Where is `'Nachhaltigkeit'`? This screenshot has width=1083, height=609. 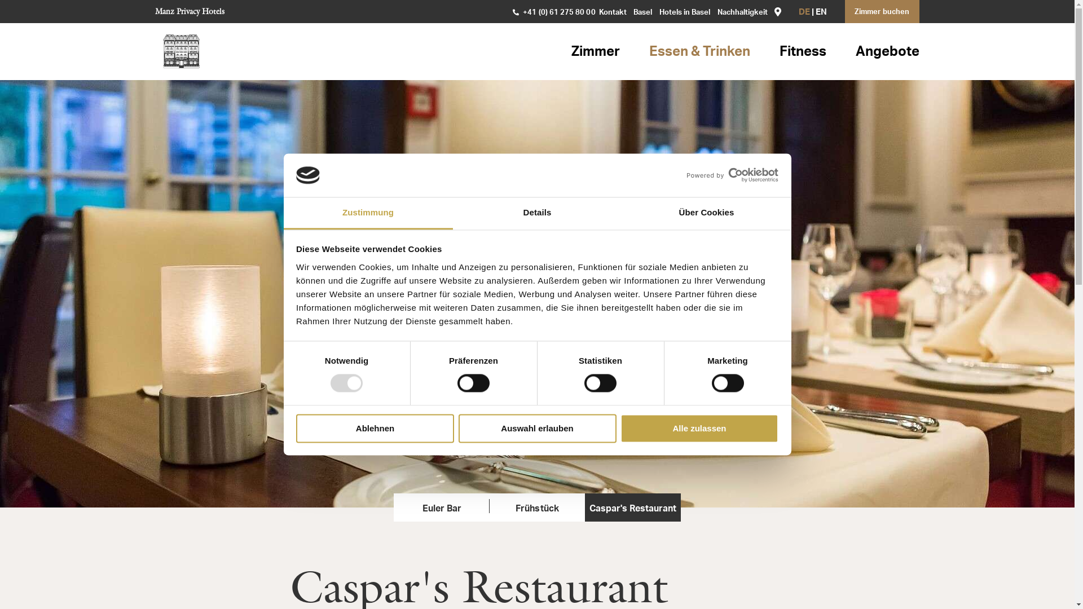
'Nachhaltigkeit' is located at coordinates (742, 12).